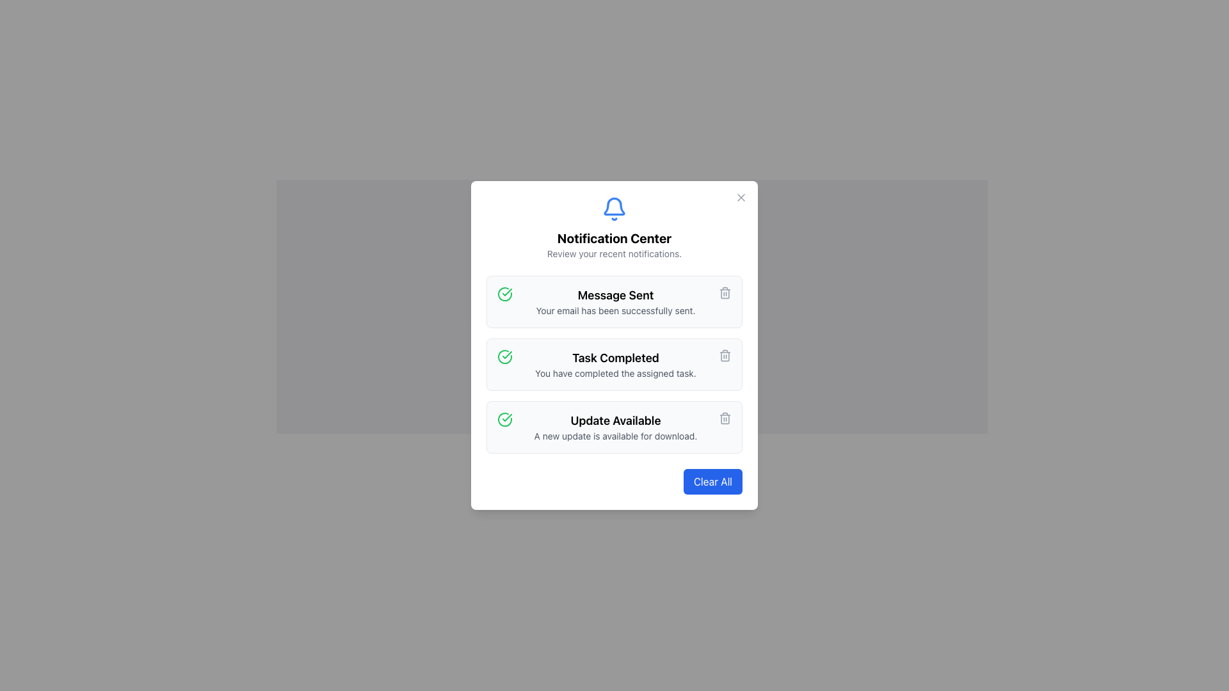 This screenshot has width=1229, height=691. What do you see at coordinates (504, 419) in the screenshot?
I see `the circular checkmark icon with a green stroke that symbolizes successful completion, located next to the text 'Message Sent' in the first notification entry of the notification pop-up` at bounding box center [504, 419].